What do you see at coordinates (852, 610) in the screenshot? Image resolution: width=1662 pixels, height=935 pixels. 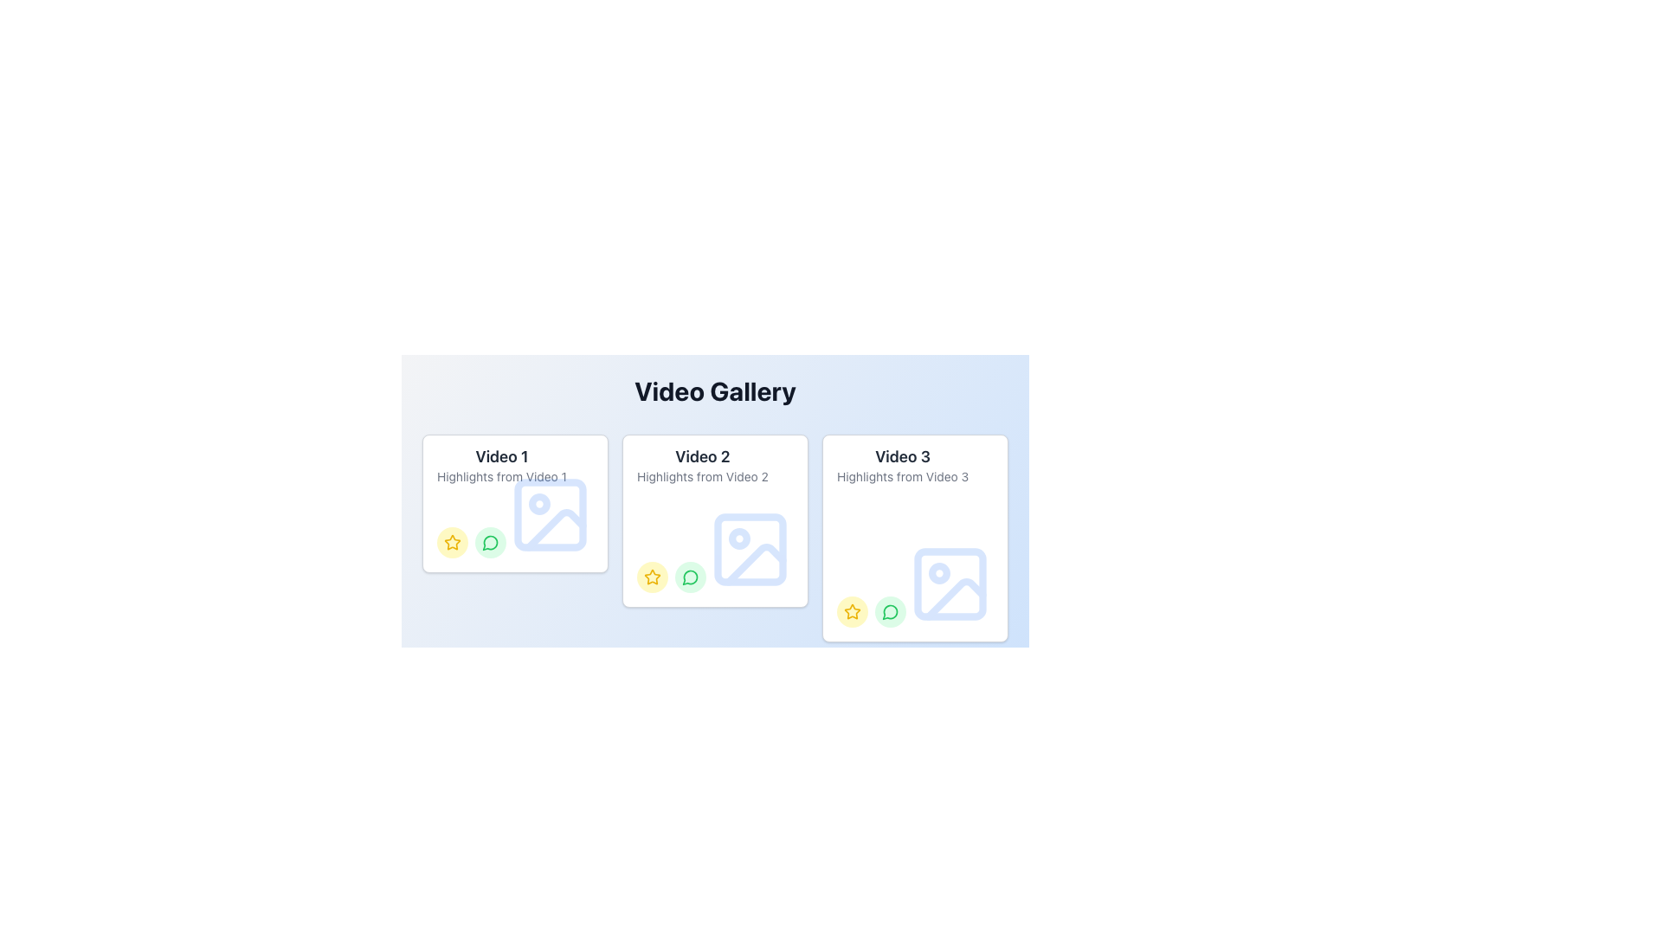 I see `the circular yellow button with a star icon located at the bottom-left corner of the 'Video 3' card in the 'Video Gallery' to mark the item as favorite` at bounding box center [852, 610].